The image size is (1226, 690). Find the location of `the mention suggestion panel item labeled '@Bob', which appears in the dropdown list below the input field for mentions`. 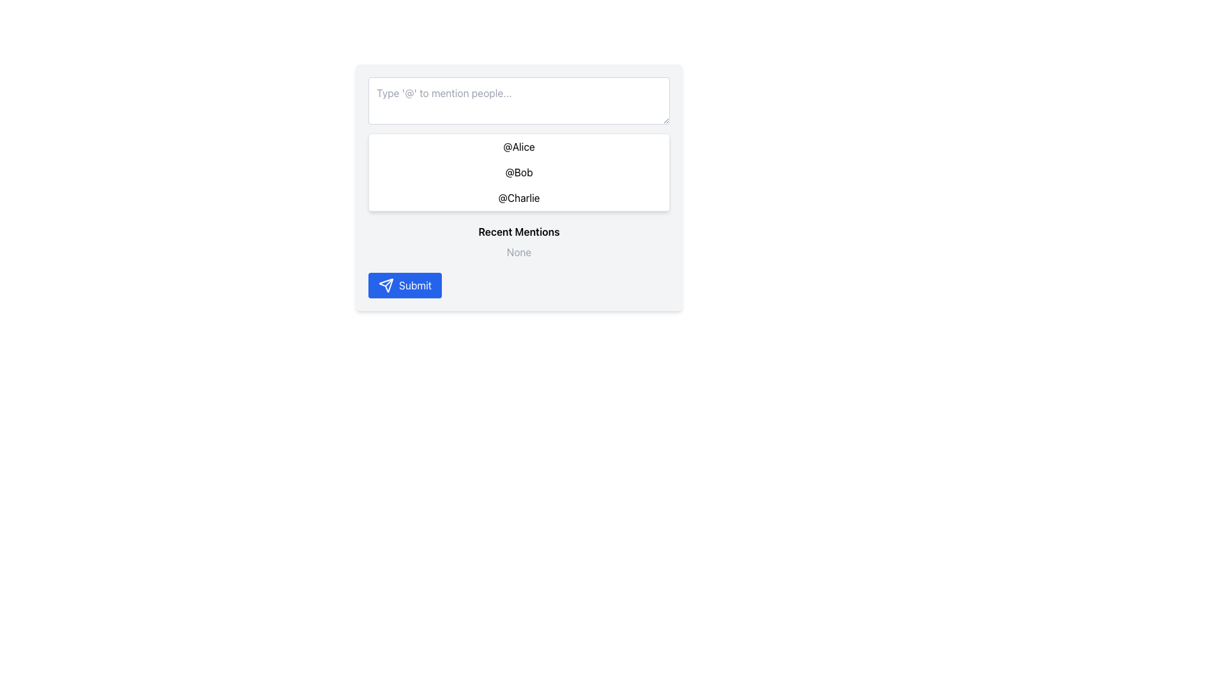

the mention suggestion panel item labeled '@Bob', which appears in the dropdown list below the input field for mentions is located at coordinates (518, 172).